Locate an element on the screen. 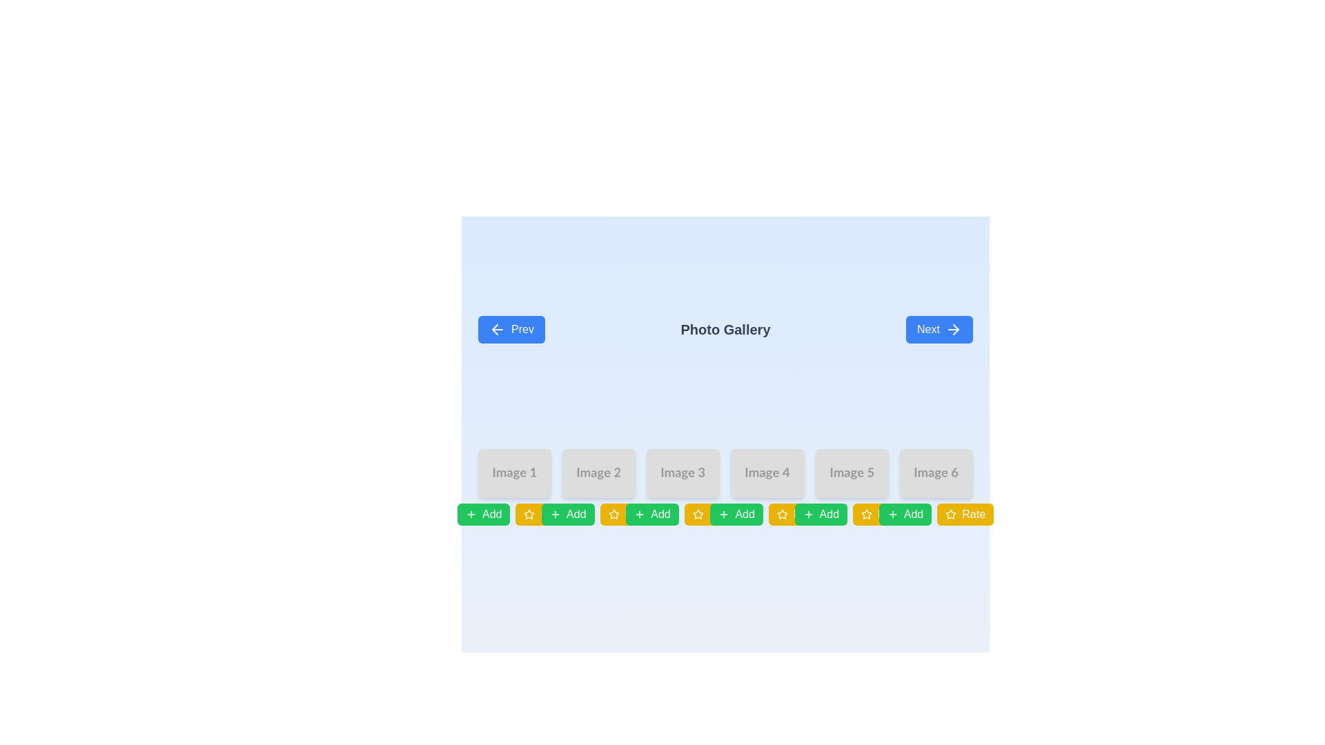 The width and height of the screenshot is (1325, 745). the image labeled 'Image 2' is located at coordinates (599, 473).